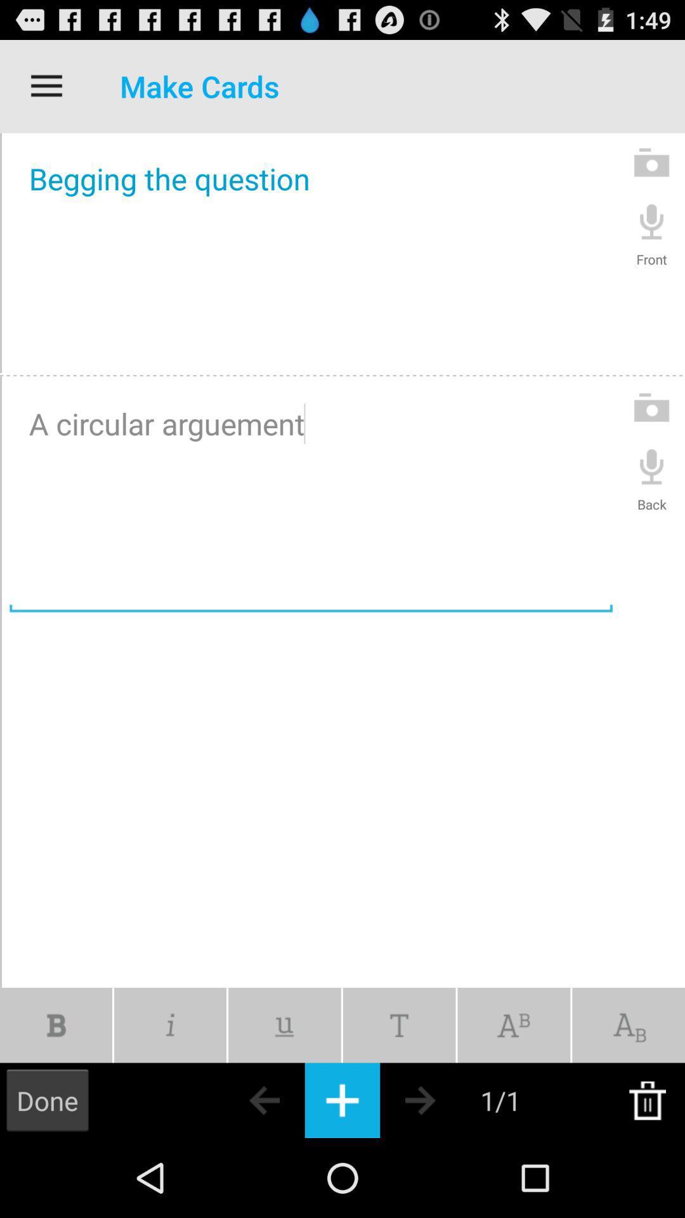 The height and width of the screenshot is (1218, 685). What do you see at coordinates (629, 1025) in the screenshot?
I see `subscript` at bounding box center [629, 1025].